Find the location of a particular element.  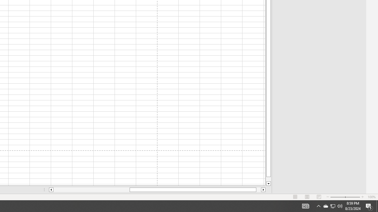

'Action Center, 5 new notifications' is located at coordinates (369, 206).